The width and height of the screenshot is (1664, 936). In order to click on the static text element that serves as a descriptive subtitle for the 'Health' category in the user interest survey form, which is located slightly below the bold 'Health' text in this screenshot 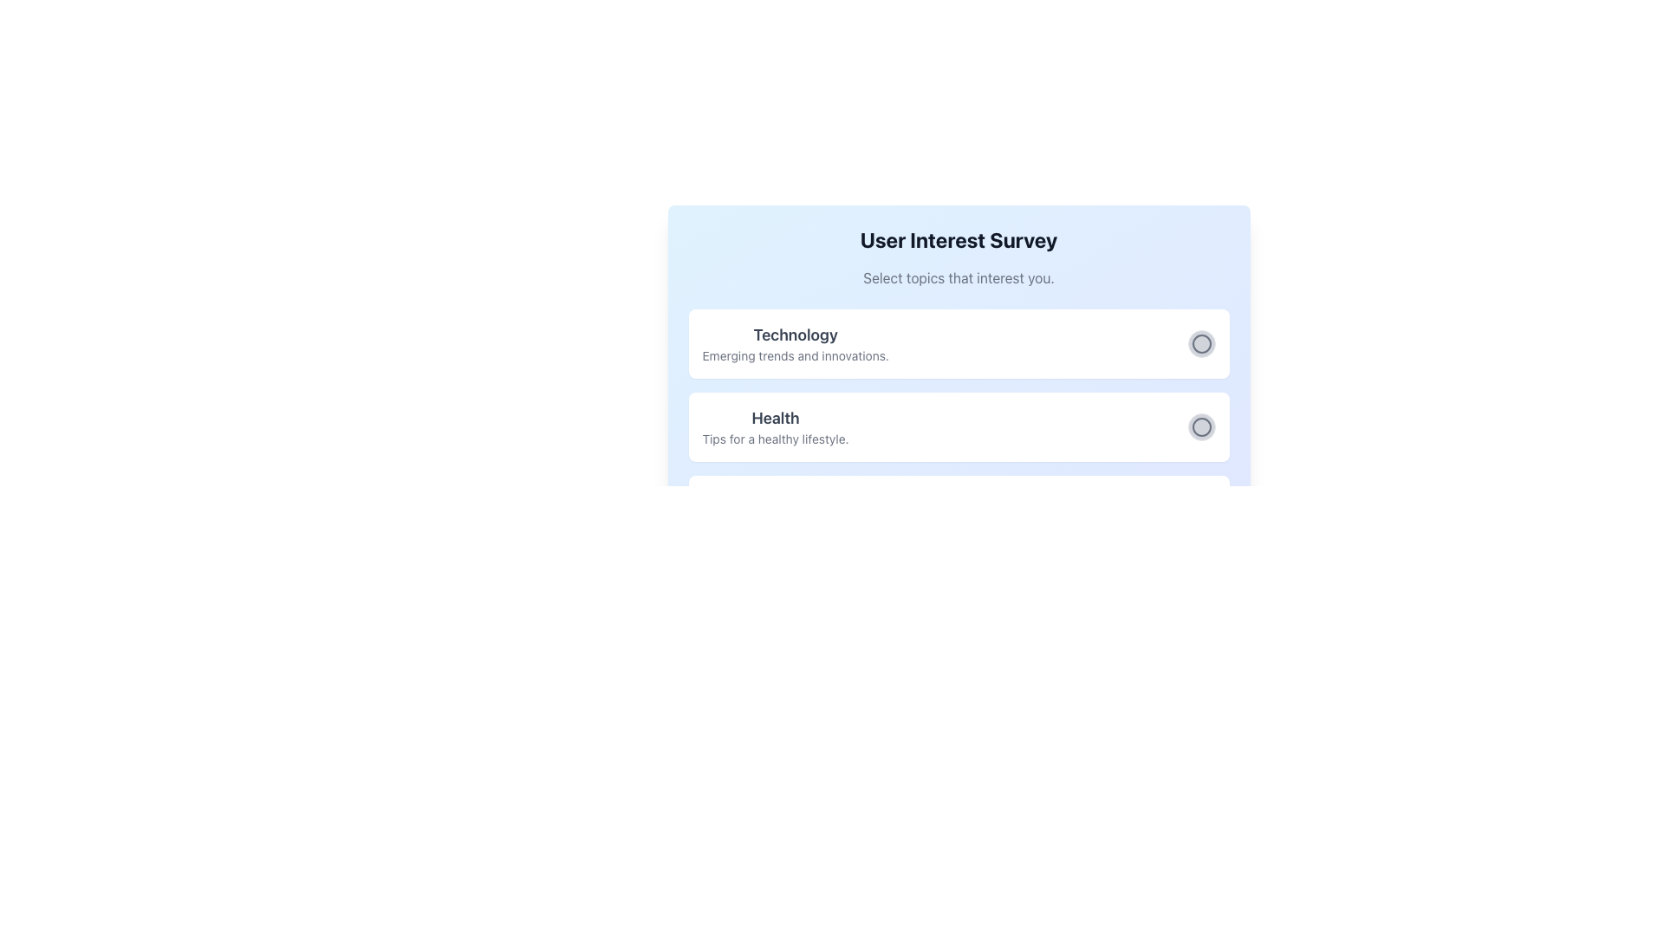, I will do `click(775, 438)`.